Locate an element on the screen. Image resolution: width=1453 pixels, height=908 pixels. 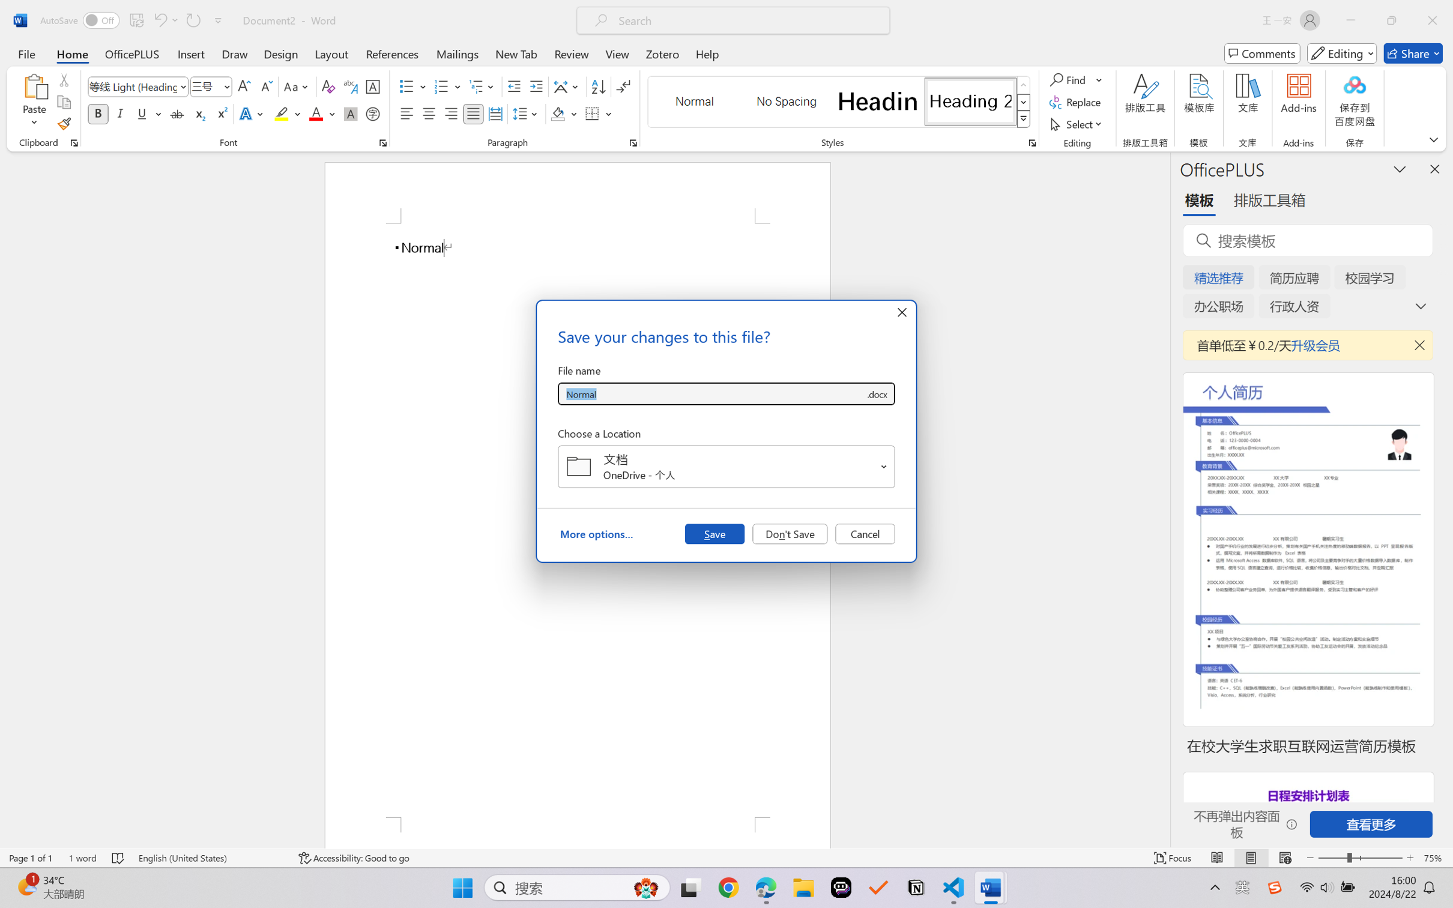
'Repeat Typing' is located at coordinates (192, 20).